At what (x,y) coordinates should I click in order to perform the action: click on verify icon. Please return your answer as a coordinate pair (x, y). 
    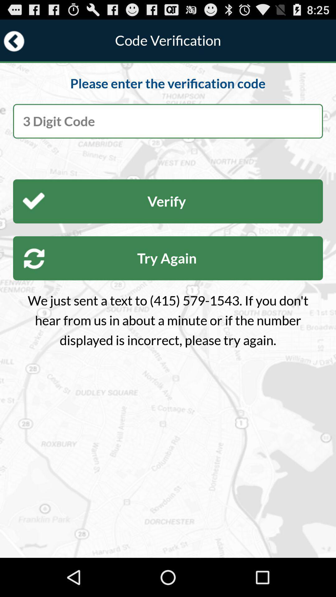
    Looking at the image, I should click on (168, 201).